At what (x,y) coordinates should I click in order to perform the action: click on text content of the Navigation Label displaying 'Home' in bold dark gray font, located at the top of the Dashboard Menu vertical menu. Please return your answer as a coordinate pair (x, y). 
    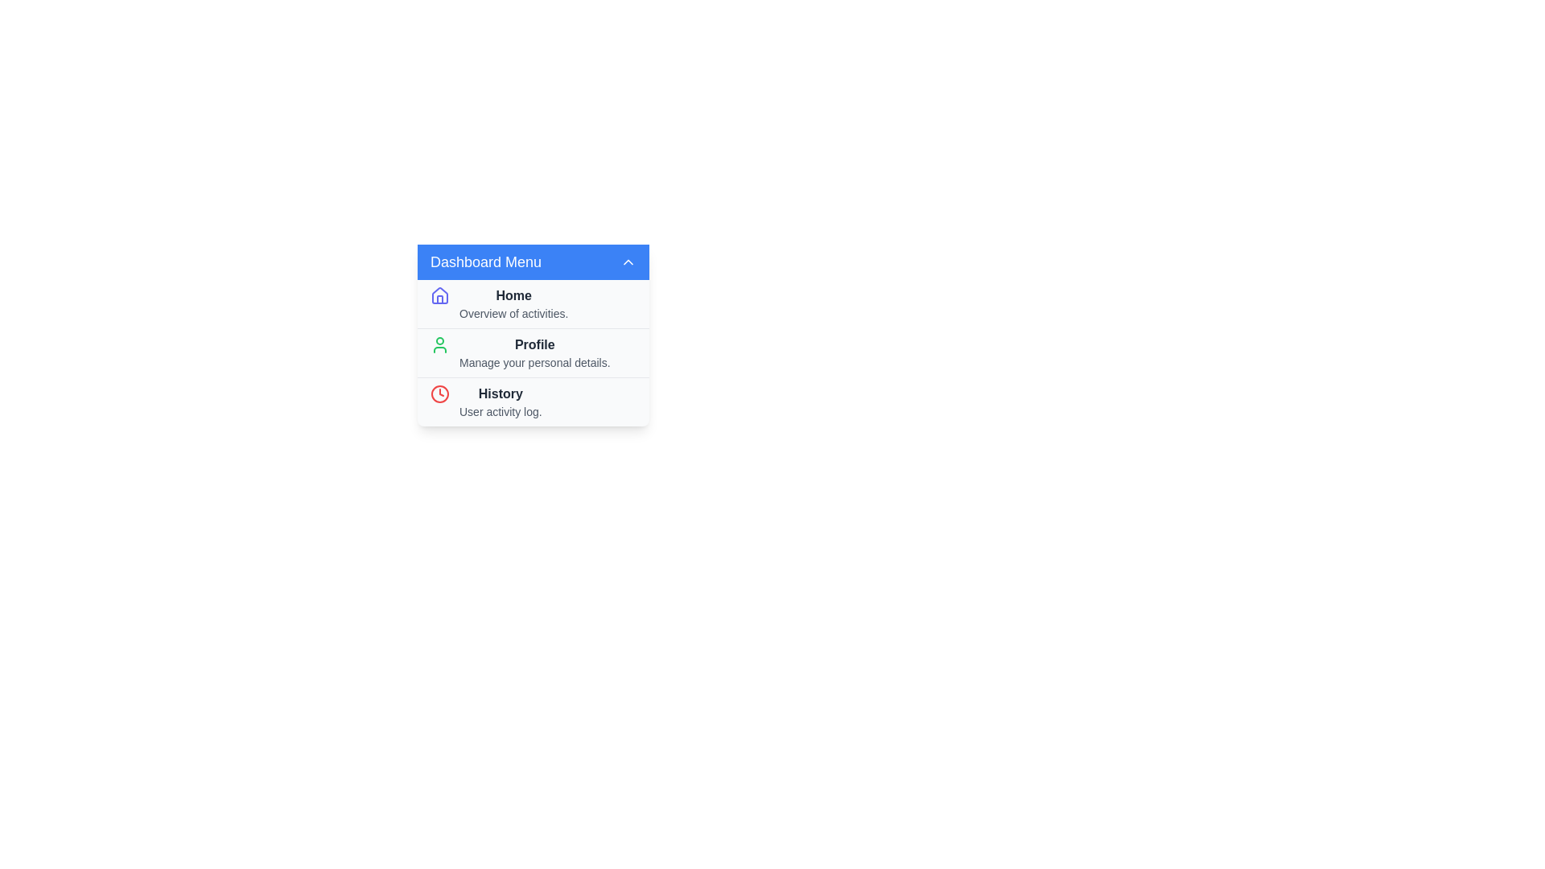
    Looking at the image, I should click on (513, 295).